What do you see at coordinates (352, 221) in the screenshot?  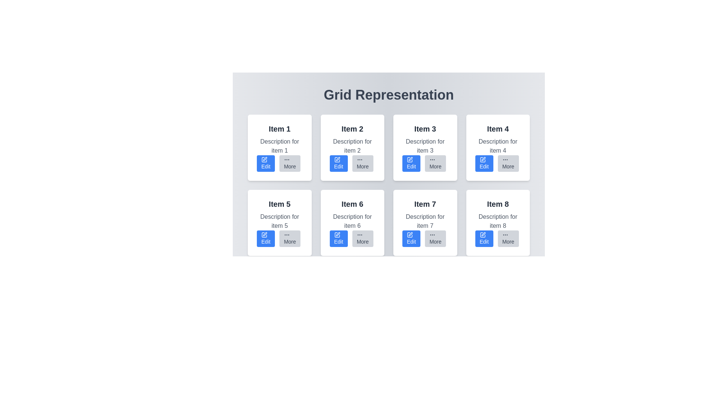 I see `descriptive text label located in the second row, third column of the grid layout, directly below the title text 'Item 6'` at bounding box center [352, 221].